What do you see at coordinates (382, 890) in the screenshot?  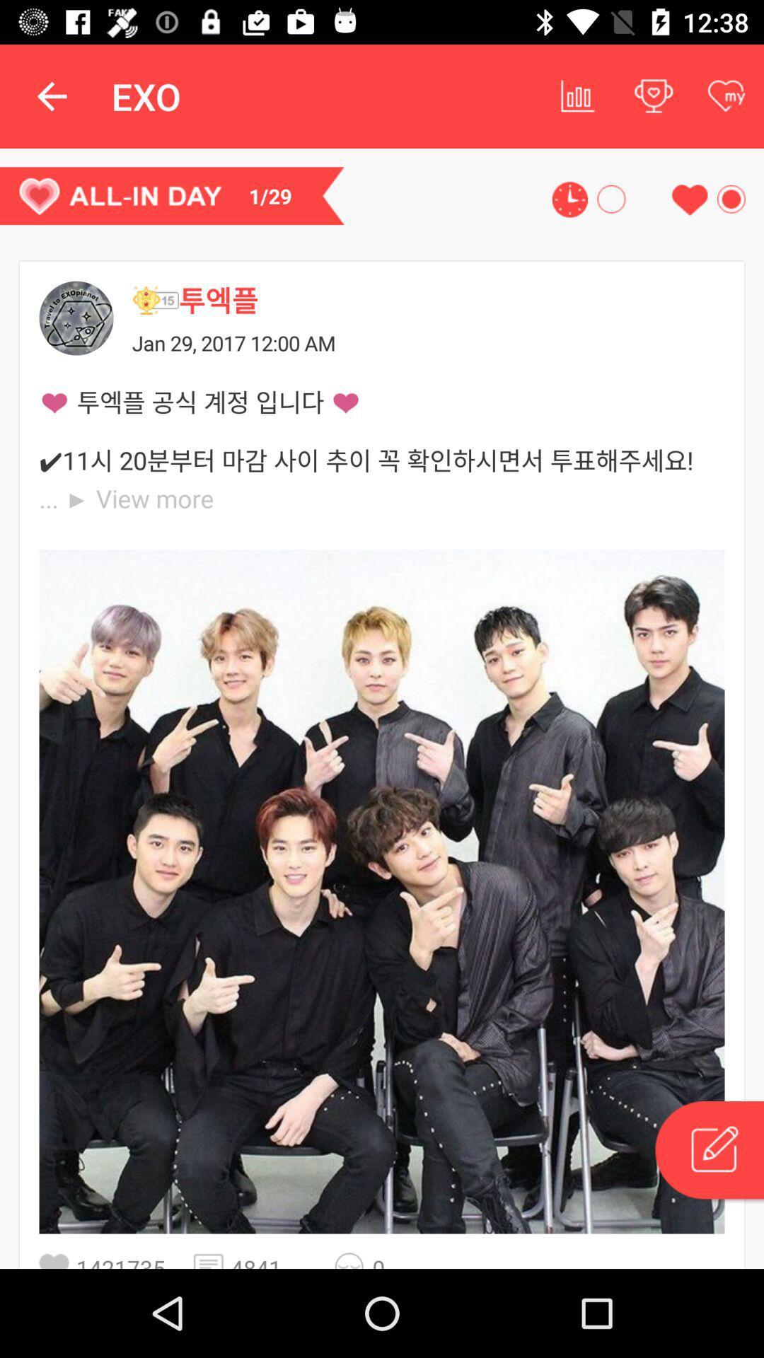 I see `show the image` at bounding box center [382, 890].